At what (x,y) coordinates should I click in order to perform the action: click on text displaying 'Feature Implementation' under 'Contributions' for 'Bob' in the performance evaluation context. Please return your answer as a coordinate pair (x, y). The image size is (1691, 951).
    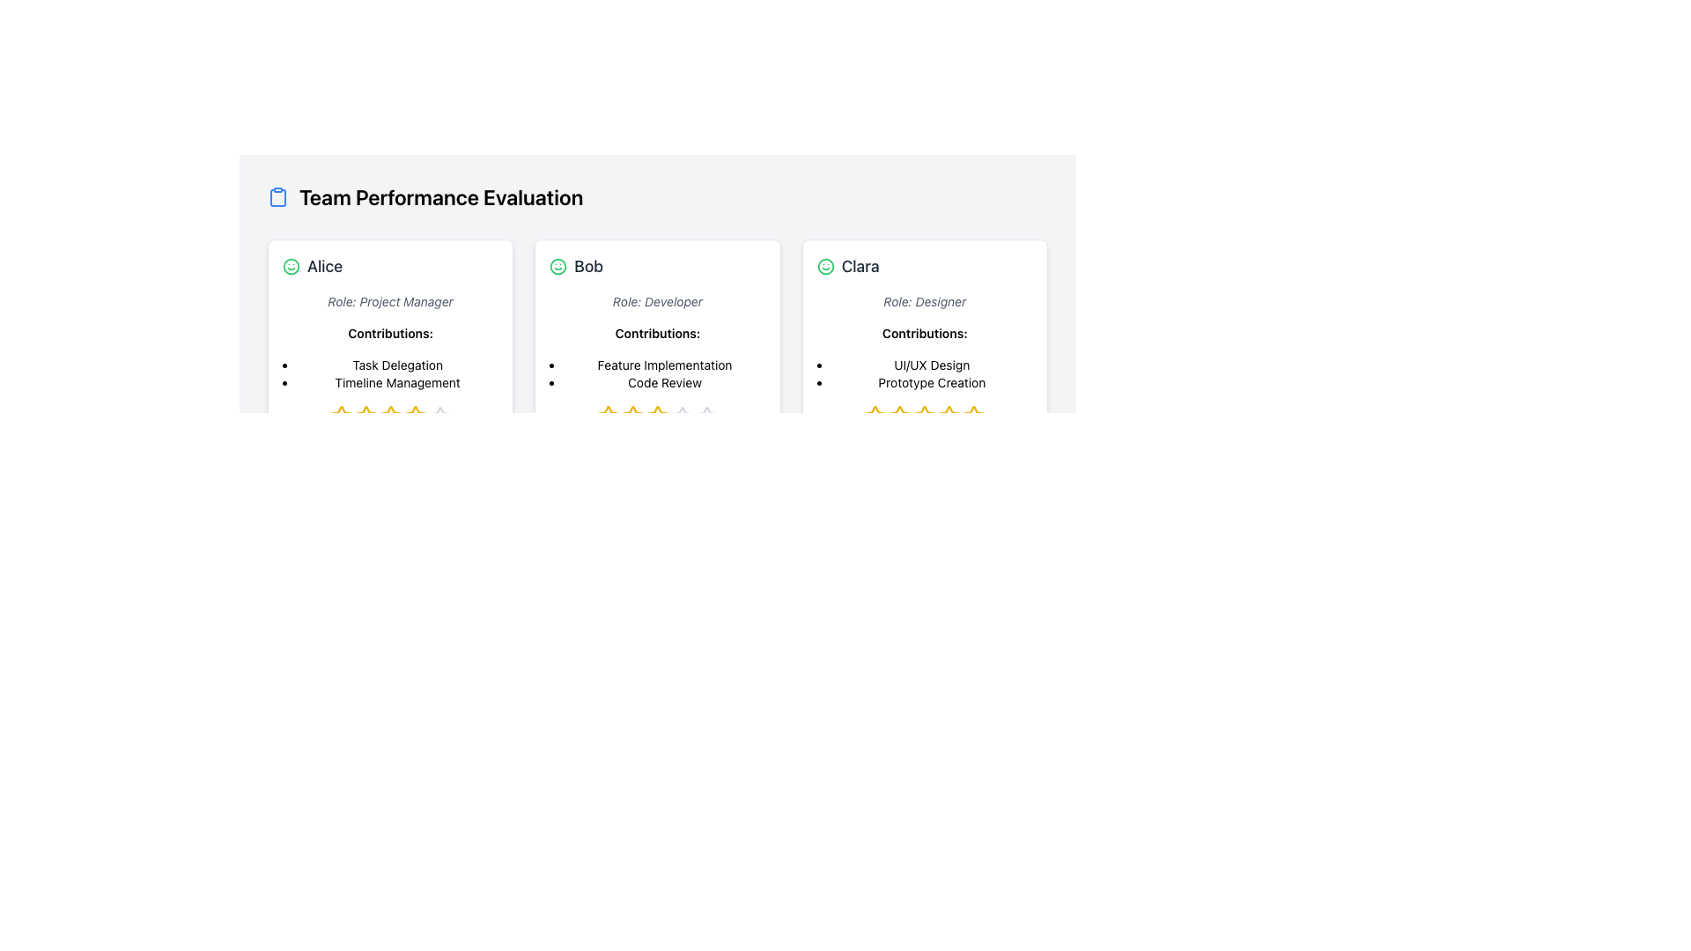
    Looking at the image, I should click on (663, 365).